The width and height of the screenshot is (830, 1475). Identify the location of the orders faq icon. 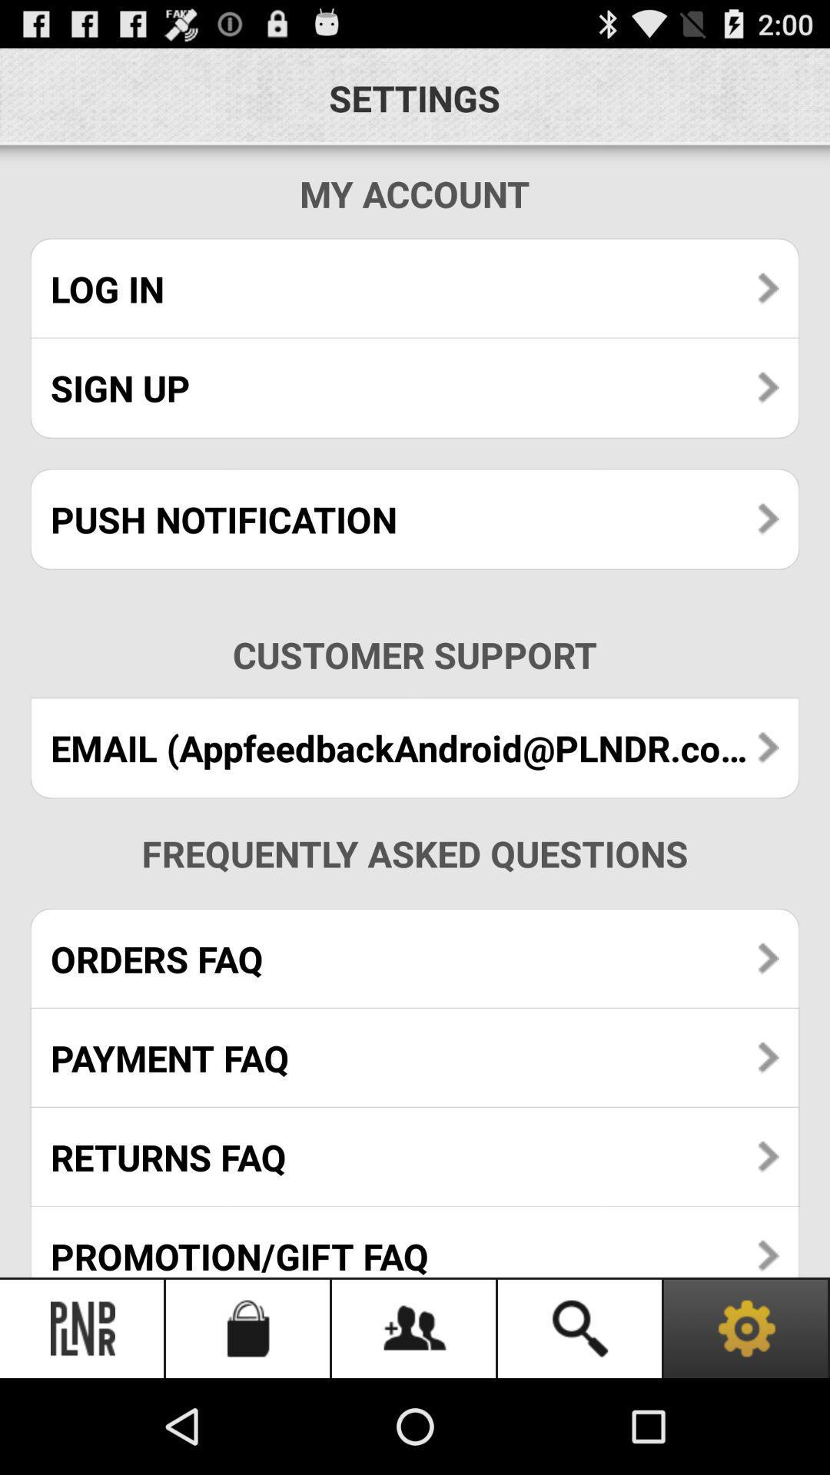
(415, 958).